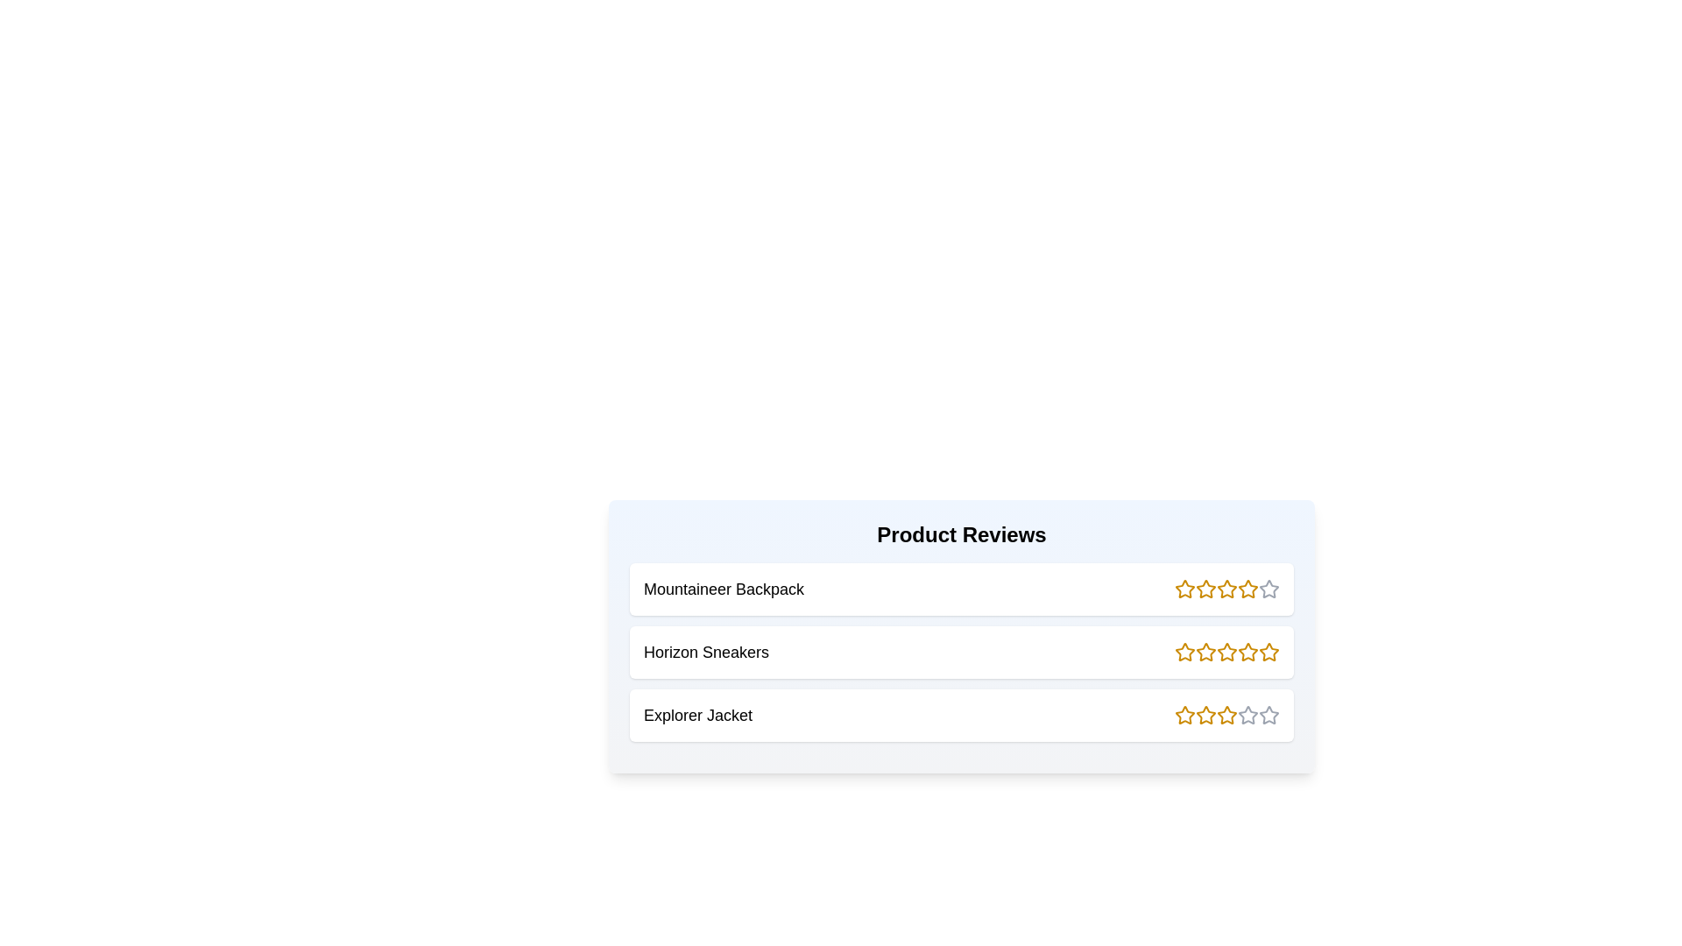  I want to click on the product name Horizon Sneakers to select it, so click(706, 652).